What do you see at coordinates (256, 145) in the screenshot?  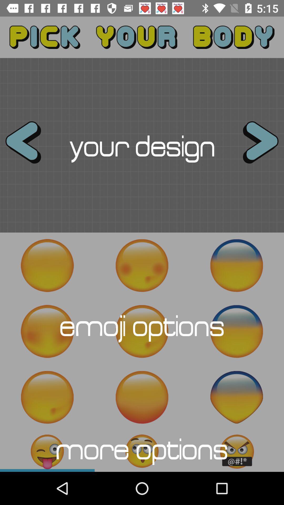 I see `the arrow_forward icon` at bounding box center [256, 145].